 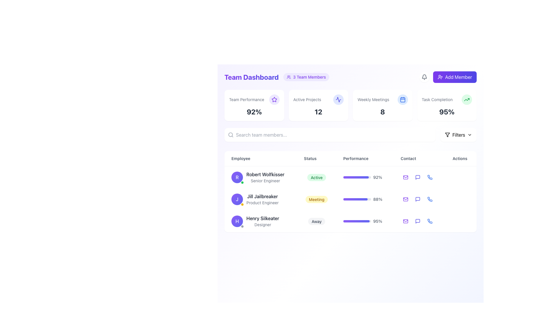 What do you see at coordinates (262, 199) in the screenshot?
I see `text display element that shows 'Jill Jailbreaker' and 'Product Engineer', located in the second row under the 'Employee' column of the table layout` at bounding box center [262, 199].